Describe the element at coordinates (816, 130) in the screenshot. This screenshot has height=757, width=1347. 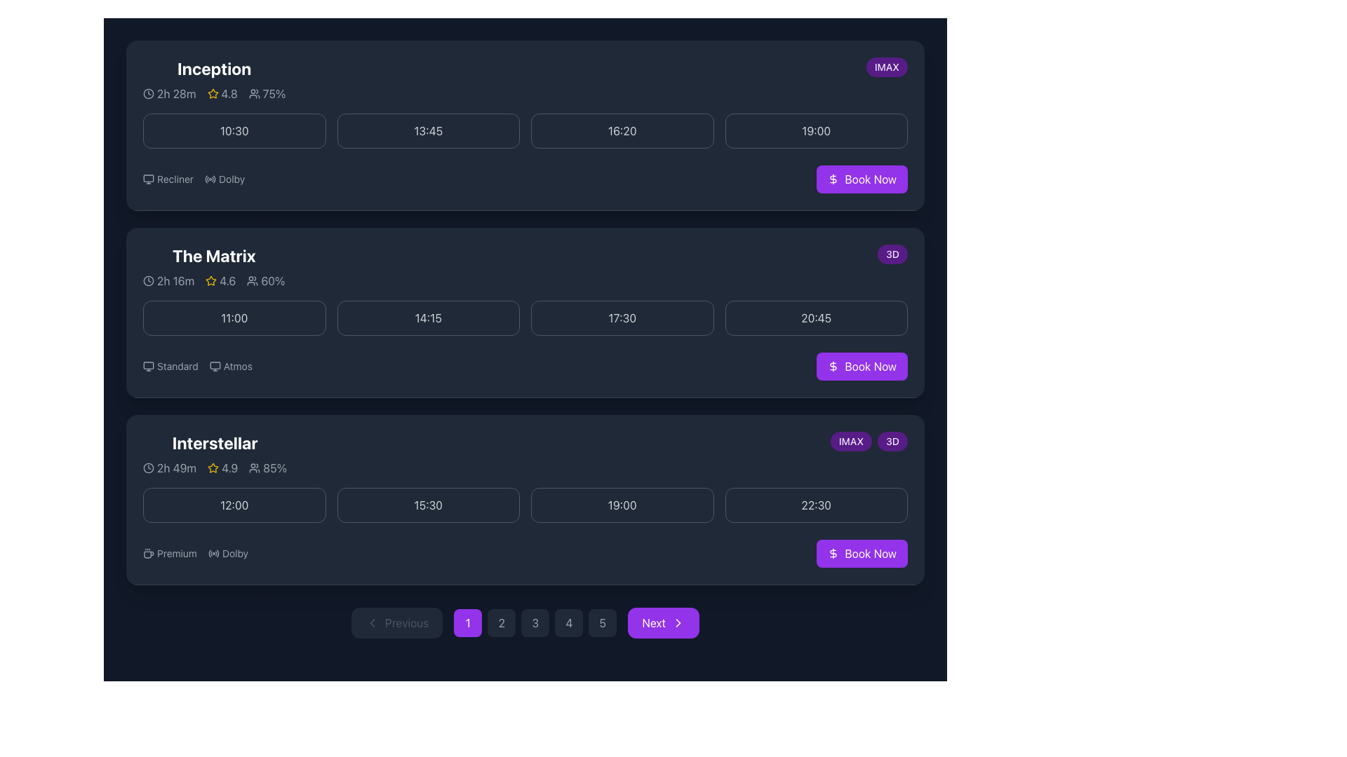
I see `the fourth button in the row of time selection buttons` at that location.